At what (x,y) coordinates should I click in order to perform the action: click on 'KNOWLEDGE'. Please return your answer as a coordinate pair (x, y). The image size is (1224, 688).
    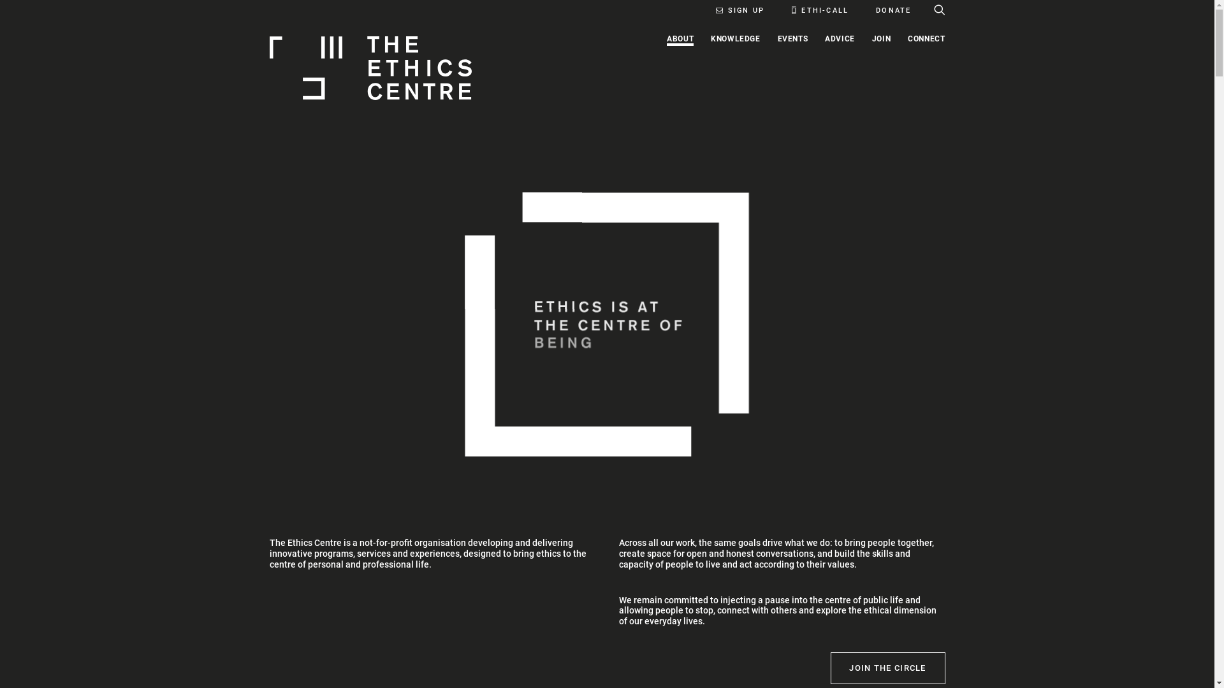
    Looking at the image, I should click on (735, 68).